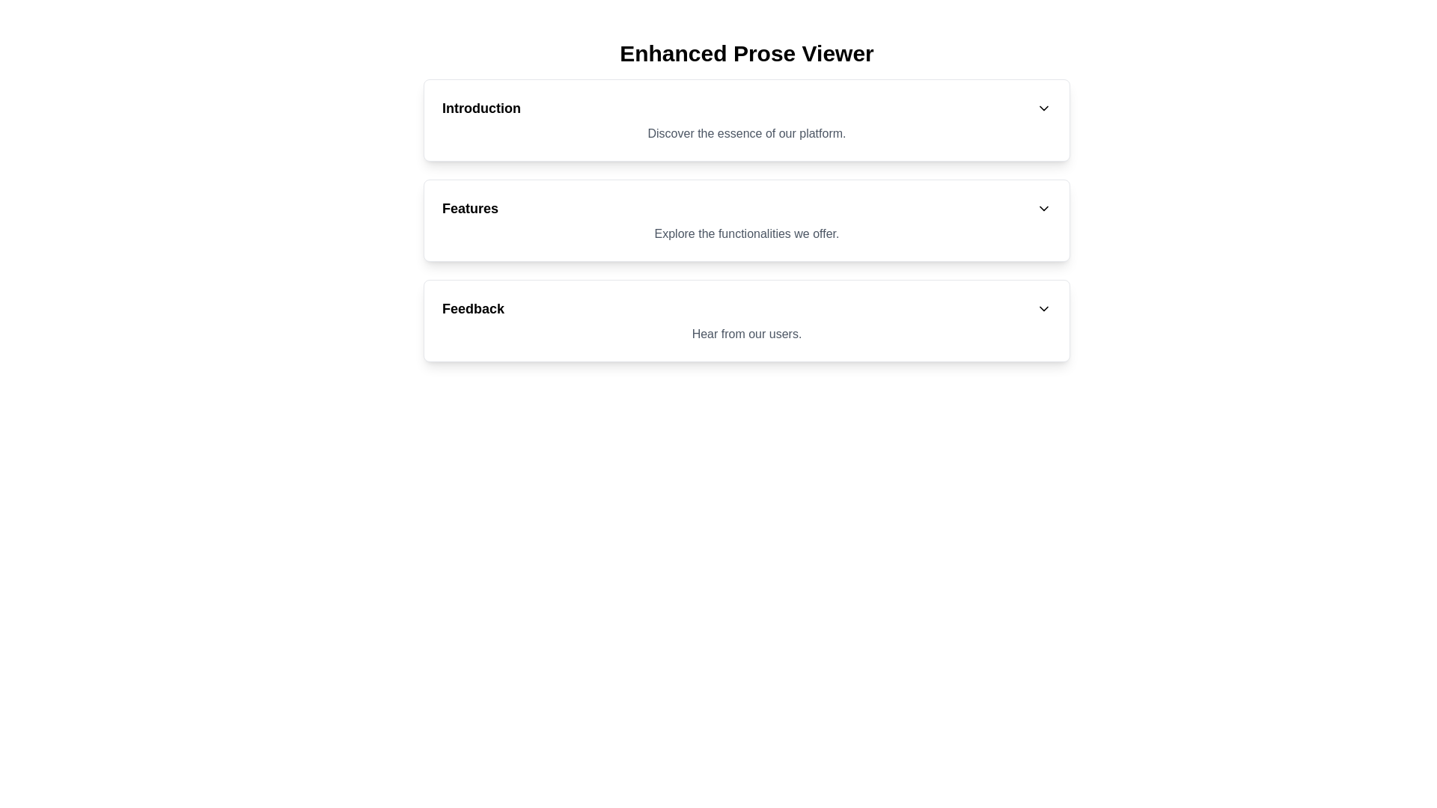  What do you see at coordinates (469, 208) in the screenshot?
I see `the static text header or label for the 'Features' section, which is positioned below the 'Introduction' section and above the 'Feedback' section, aligned to the left` at bounding box center [469, 208].